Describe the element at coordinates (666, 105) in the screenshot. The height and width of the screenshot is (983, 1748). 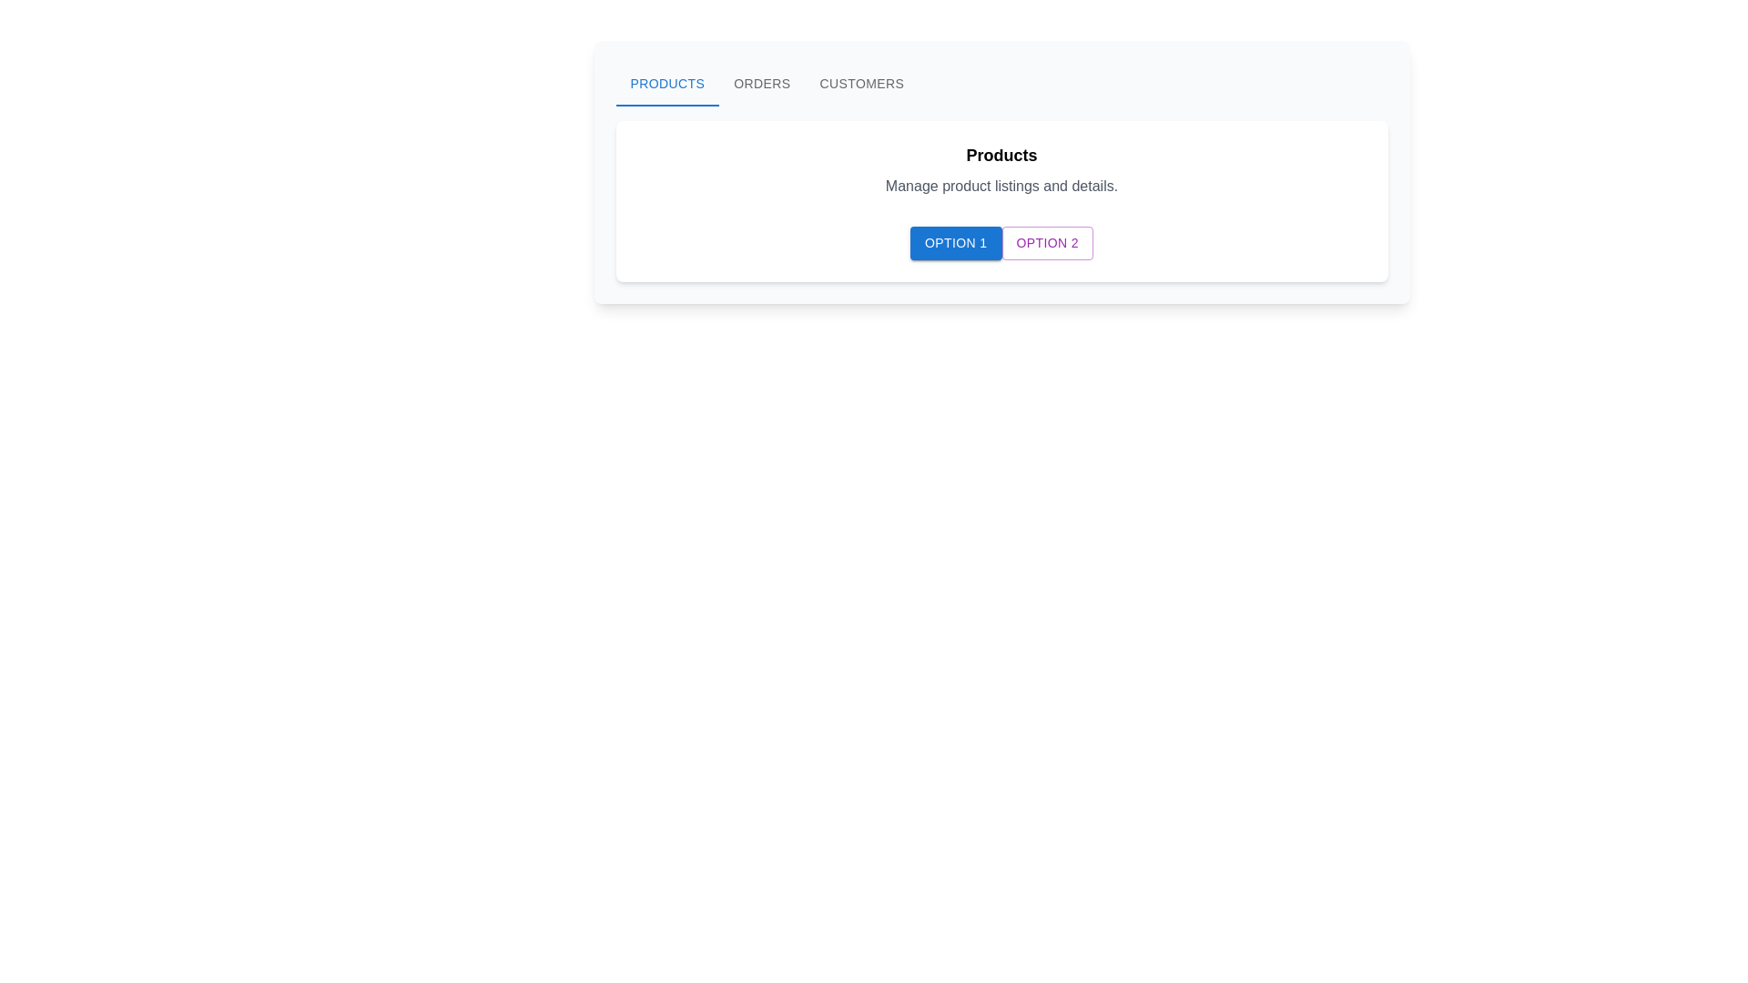
I see `the position of the indicator line that represents the currently active 'Products' tab in the tabbed navigation interface` at that location.